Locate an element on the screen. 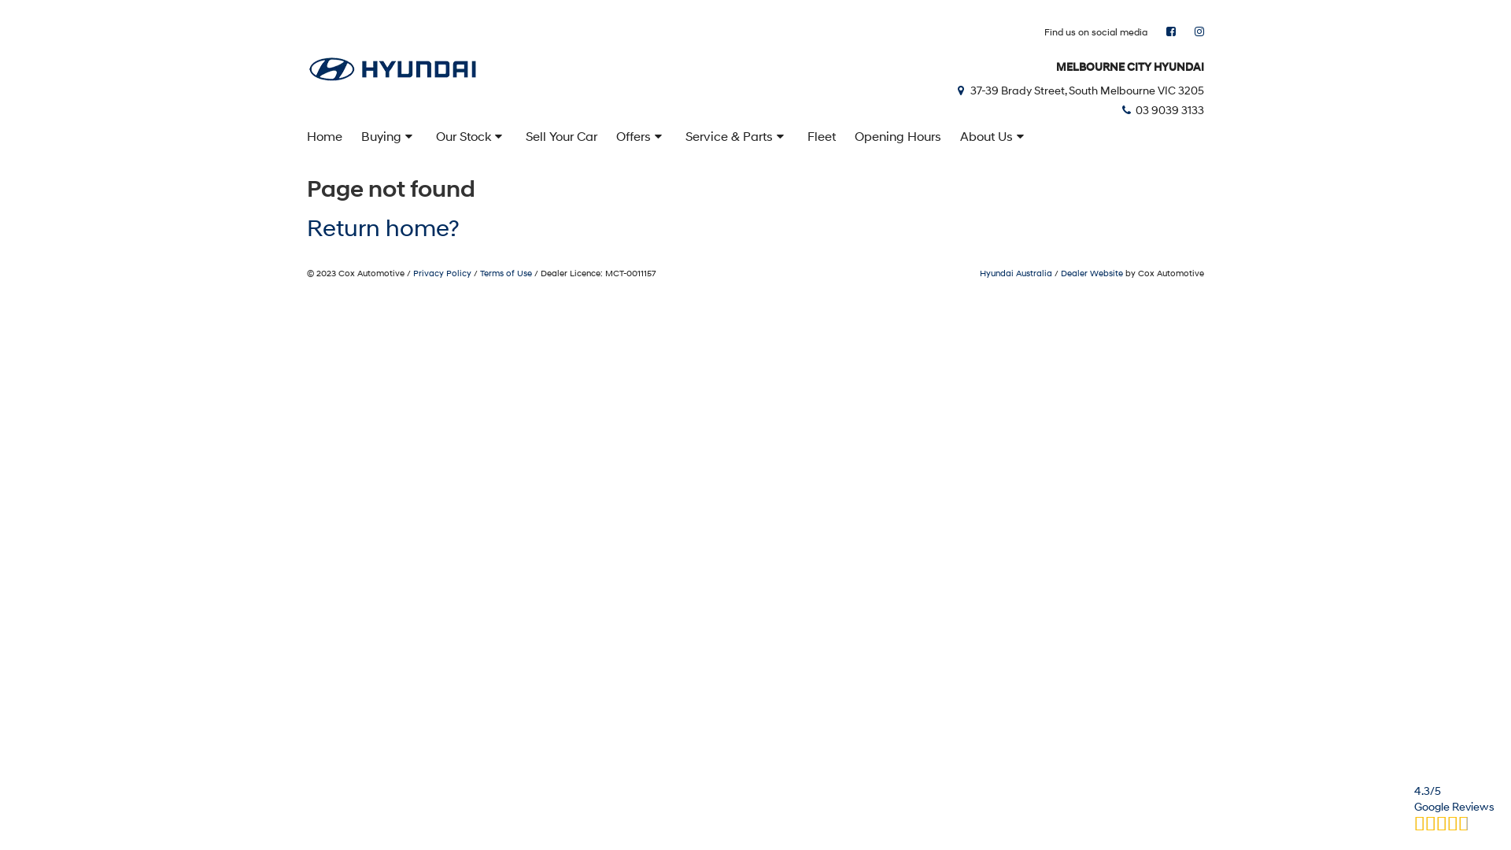 This screenshot has width=1511, height=850. 'Hyundai Australia' is located at coordinates (1016, 272).